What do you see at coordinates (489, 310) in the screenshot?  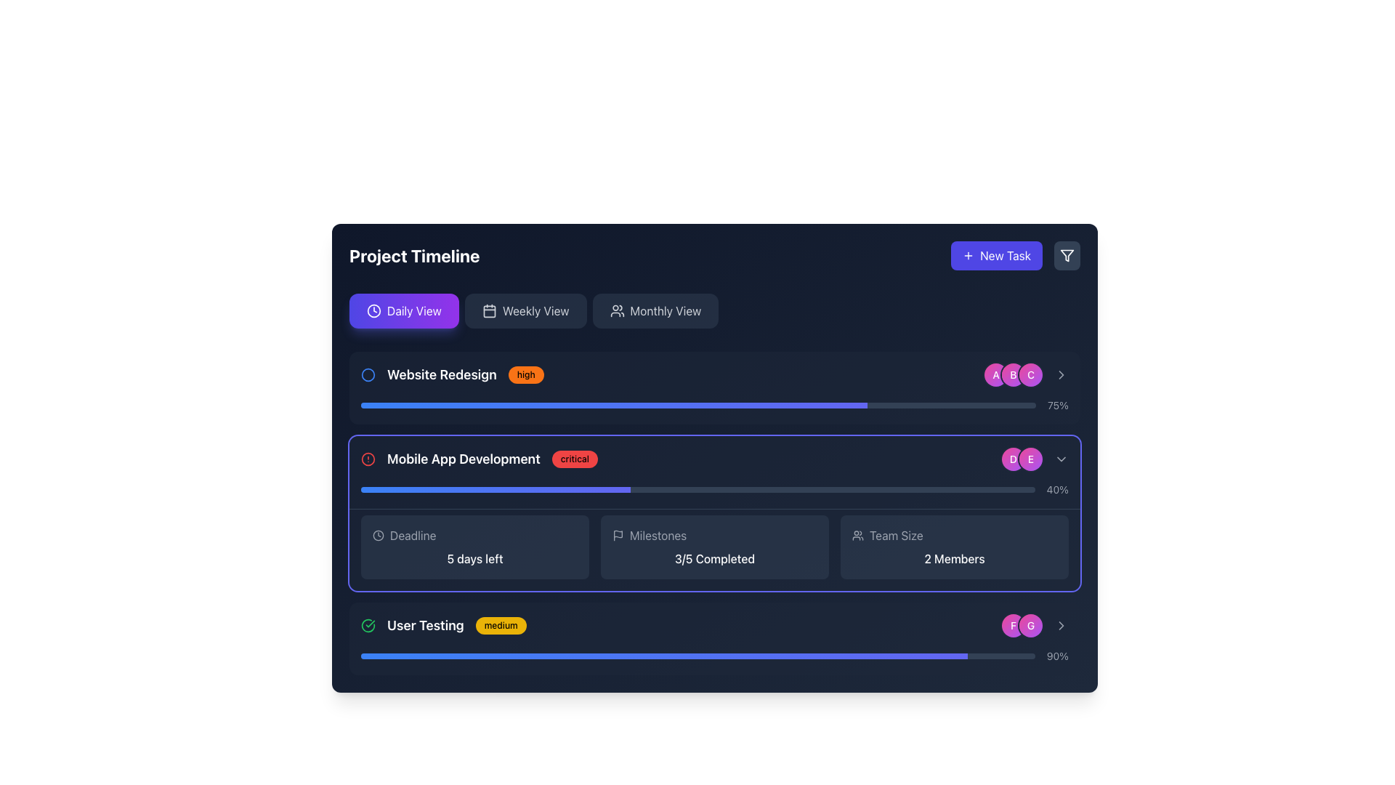 I see `the inner content area of the calendar icon, which is represented by a non-interactive SVG rectangle shape located centrally within the calendar's boundary` at bounding box center [489, 310].